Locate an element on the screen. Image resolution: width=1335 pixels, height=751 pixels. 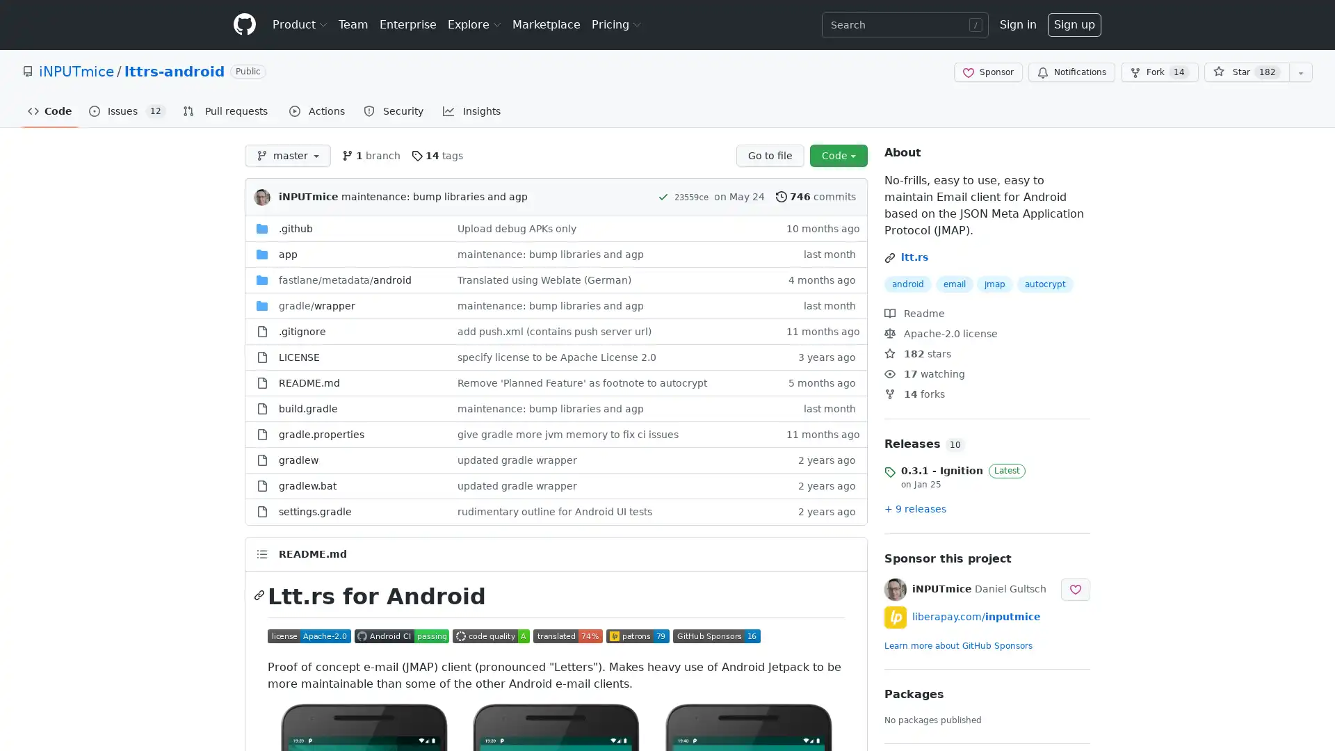
Sponsor is located at coordinates (987, 72).